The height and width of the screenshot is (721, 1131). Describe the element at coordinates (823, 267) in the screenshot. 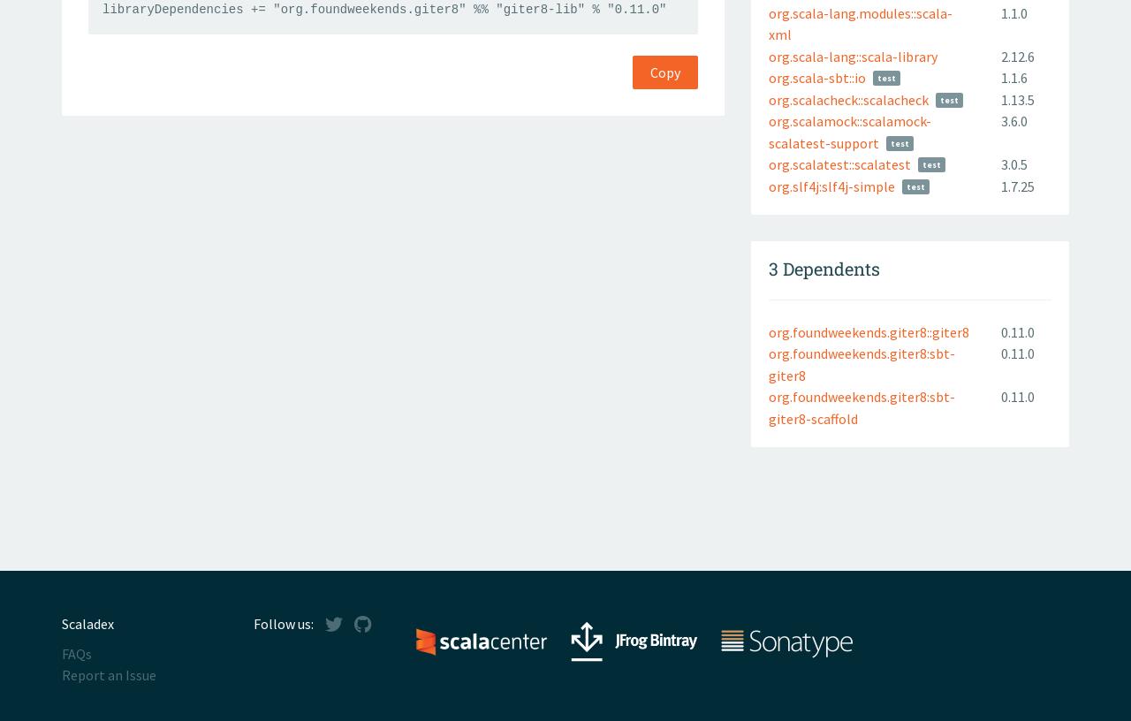

I see `'3 Dependents'` at that location.